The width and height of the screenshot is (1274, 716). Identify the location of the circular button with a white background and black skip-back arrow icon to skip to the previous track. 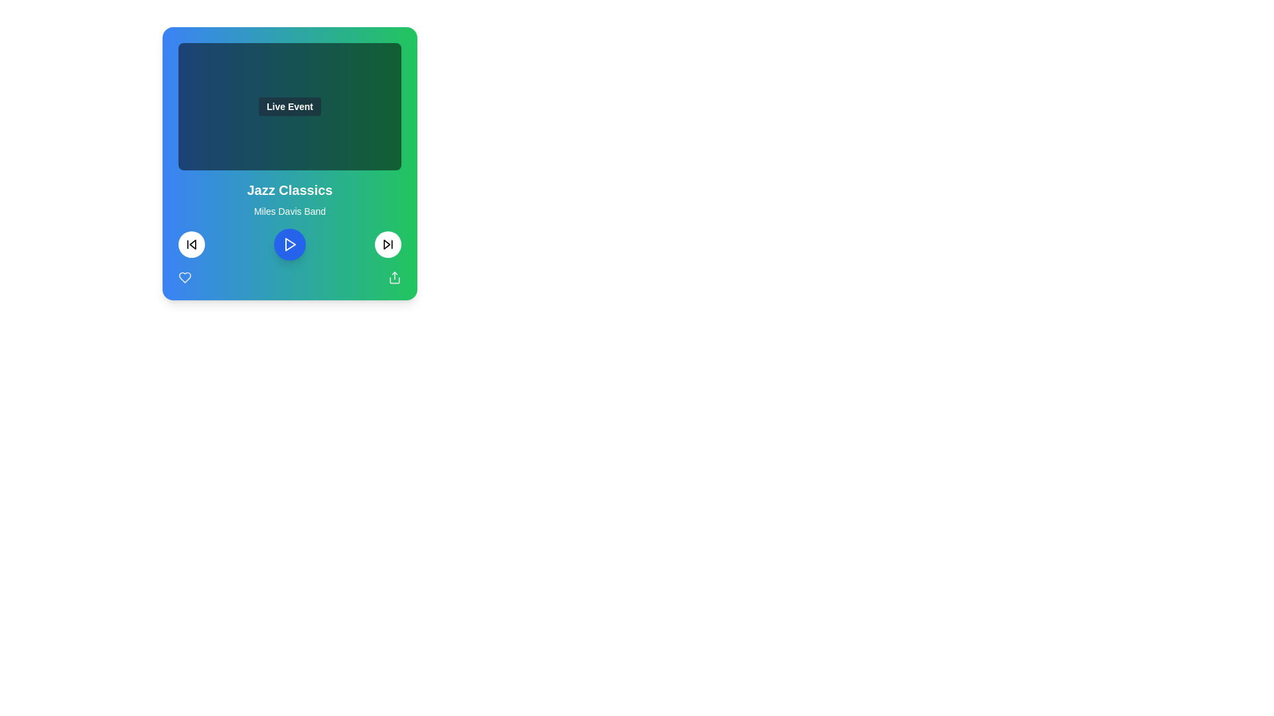
(190, 245).